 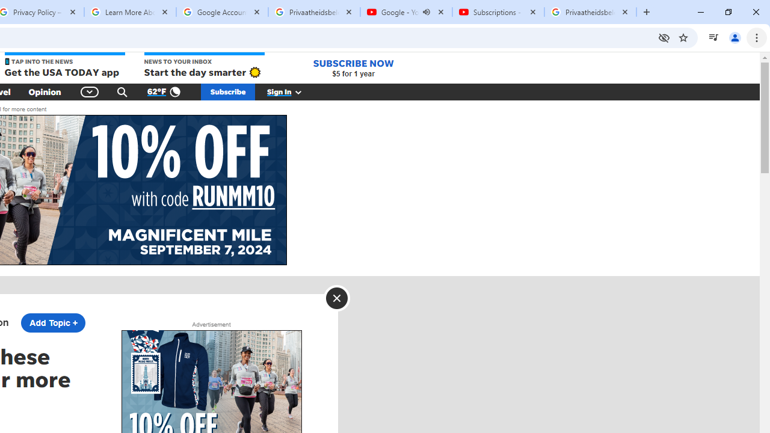 What do you see at coordinates (646, 12) in the screenshot?
I see `'New Tab'` at bounding box center [646, 12].